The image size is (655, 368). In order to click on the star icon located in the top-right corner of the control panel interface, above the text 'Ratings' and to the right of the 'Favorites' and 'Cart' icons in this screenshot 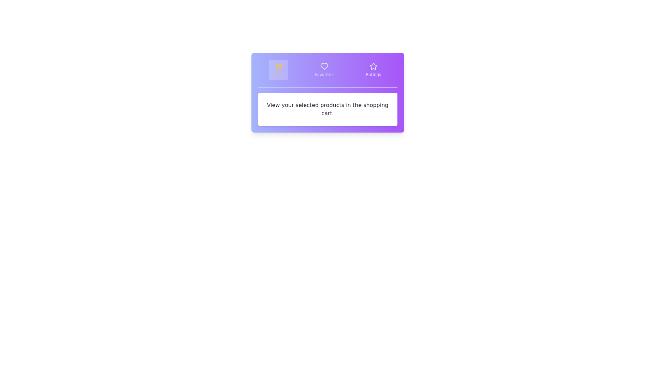, I will do `click(373, 66)`.